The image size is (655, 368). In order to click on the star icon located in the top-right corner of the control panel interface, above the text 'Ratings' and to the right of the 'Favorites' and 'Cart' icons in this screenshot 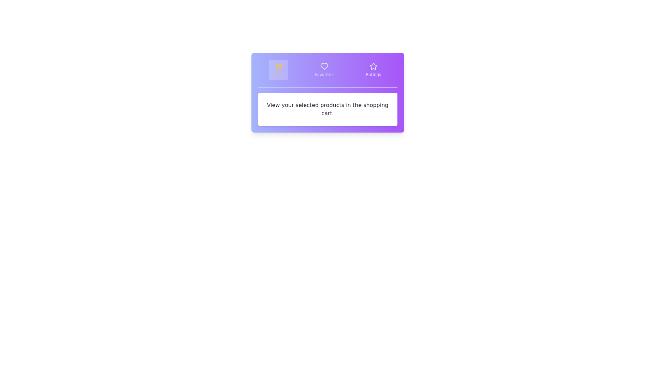, I will do `click(373, 66)`.